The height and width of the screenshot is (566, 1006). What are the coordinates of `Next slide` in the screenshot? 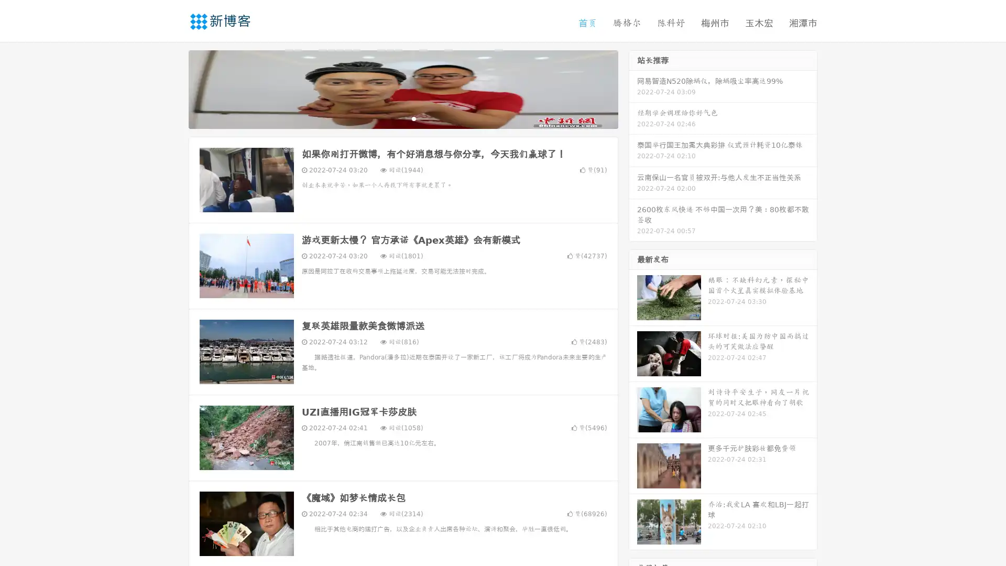 It's located at (633, 88).